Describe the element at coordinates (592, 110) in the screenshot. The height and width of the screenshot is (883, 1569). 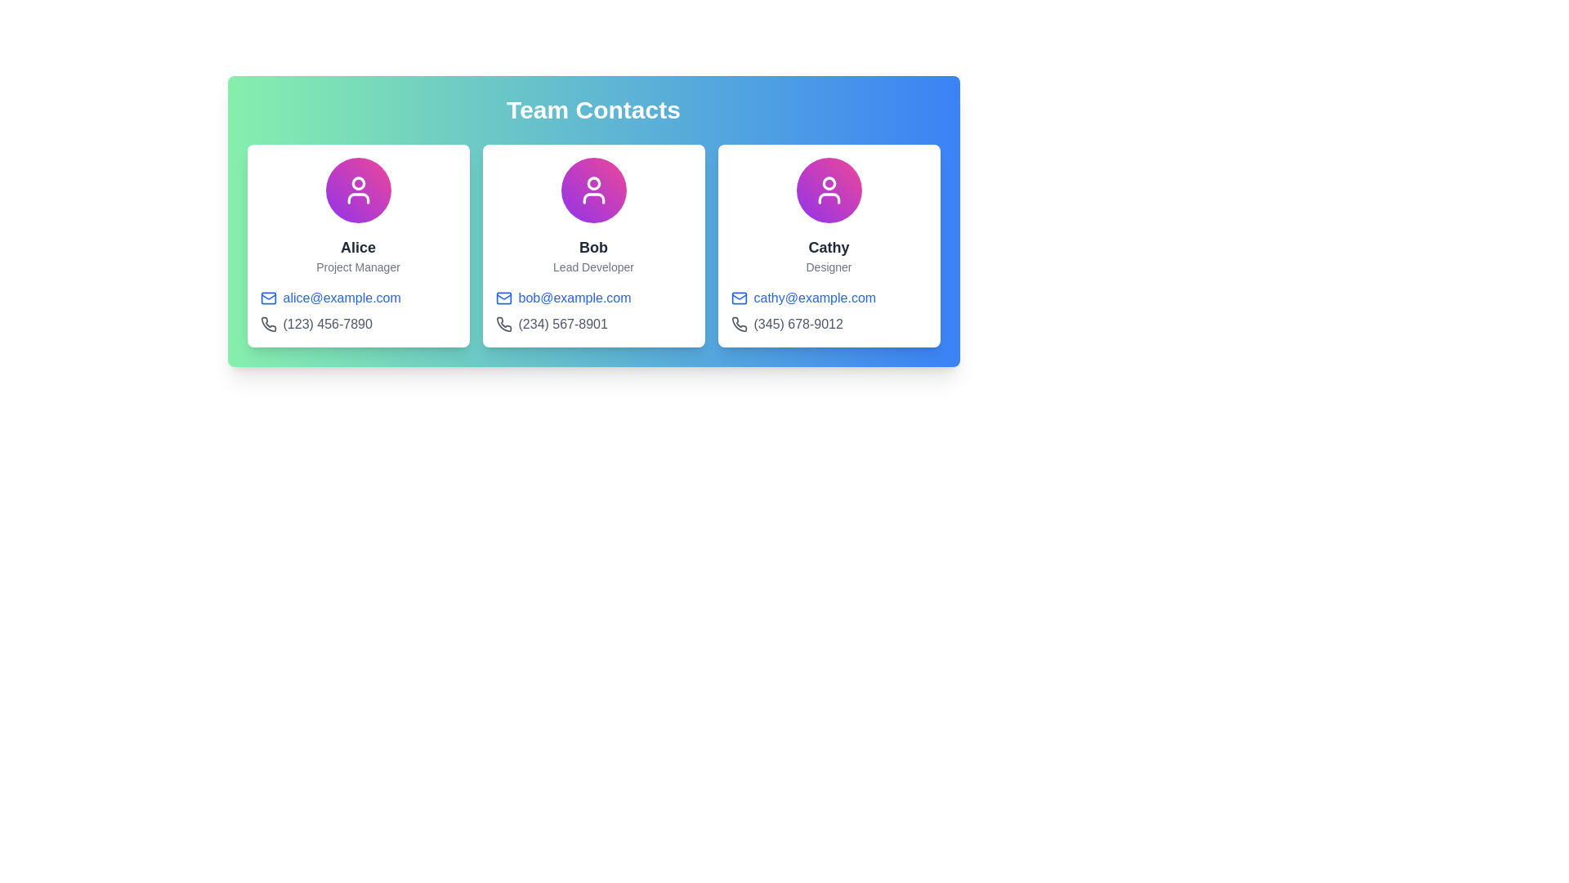
I see `text element displaying the title 'Team Contacts' which is centered at the top of the component with a green-to-blue gradient background` at that location.